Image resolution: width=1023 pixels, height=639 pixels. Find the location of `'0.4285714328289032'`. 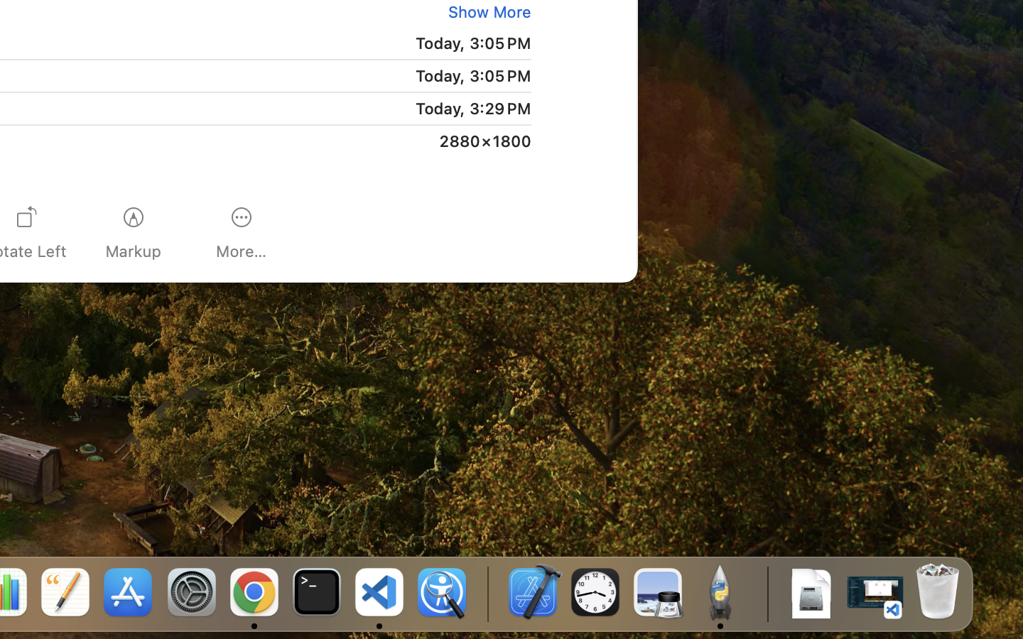

'0.4285714328289032' is located at coordinates (487, 593).